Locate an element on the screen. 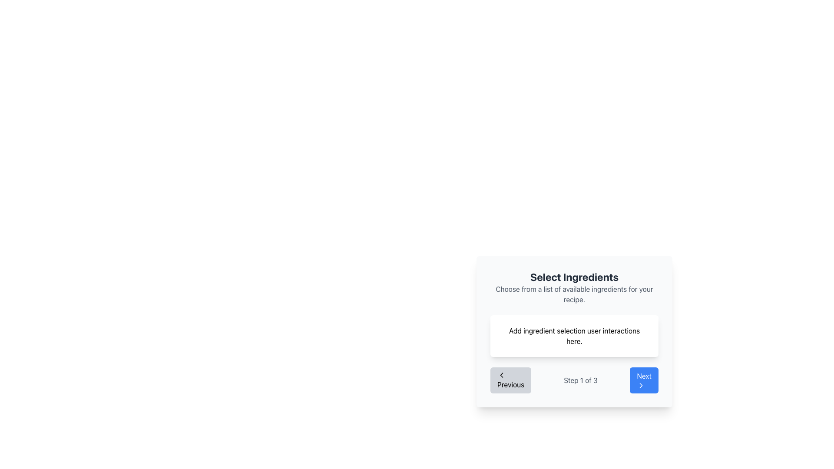 Image resolution: width=834 pixels, height=469 pixels. the 'Previous' button, which is a rectangular button with rounded corners and a gray background, located on the left side of the pagination interface is located at coordinates (511, 380).